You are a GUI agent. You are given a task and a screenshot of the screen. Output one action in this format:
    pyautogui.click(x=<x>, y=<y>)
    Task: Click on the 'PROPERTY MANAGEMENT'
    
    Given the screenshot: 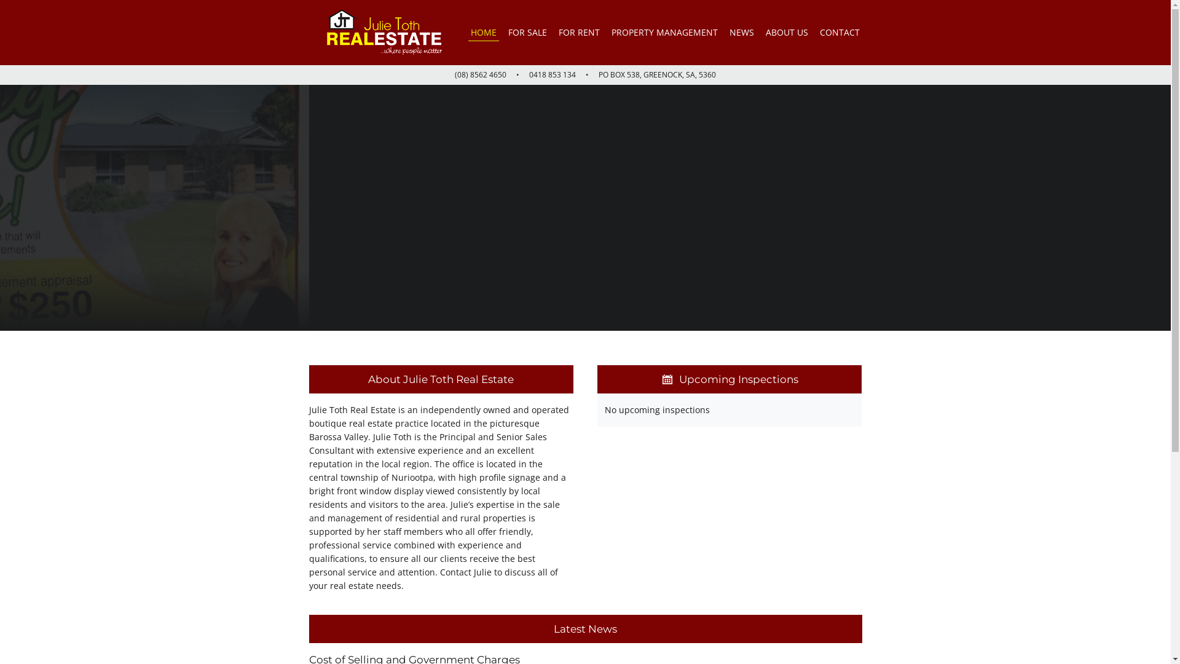 What is the action you would take?
    pyautogui.click(x=663, y=32)
    